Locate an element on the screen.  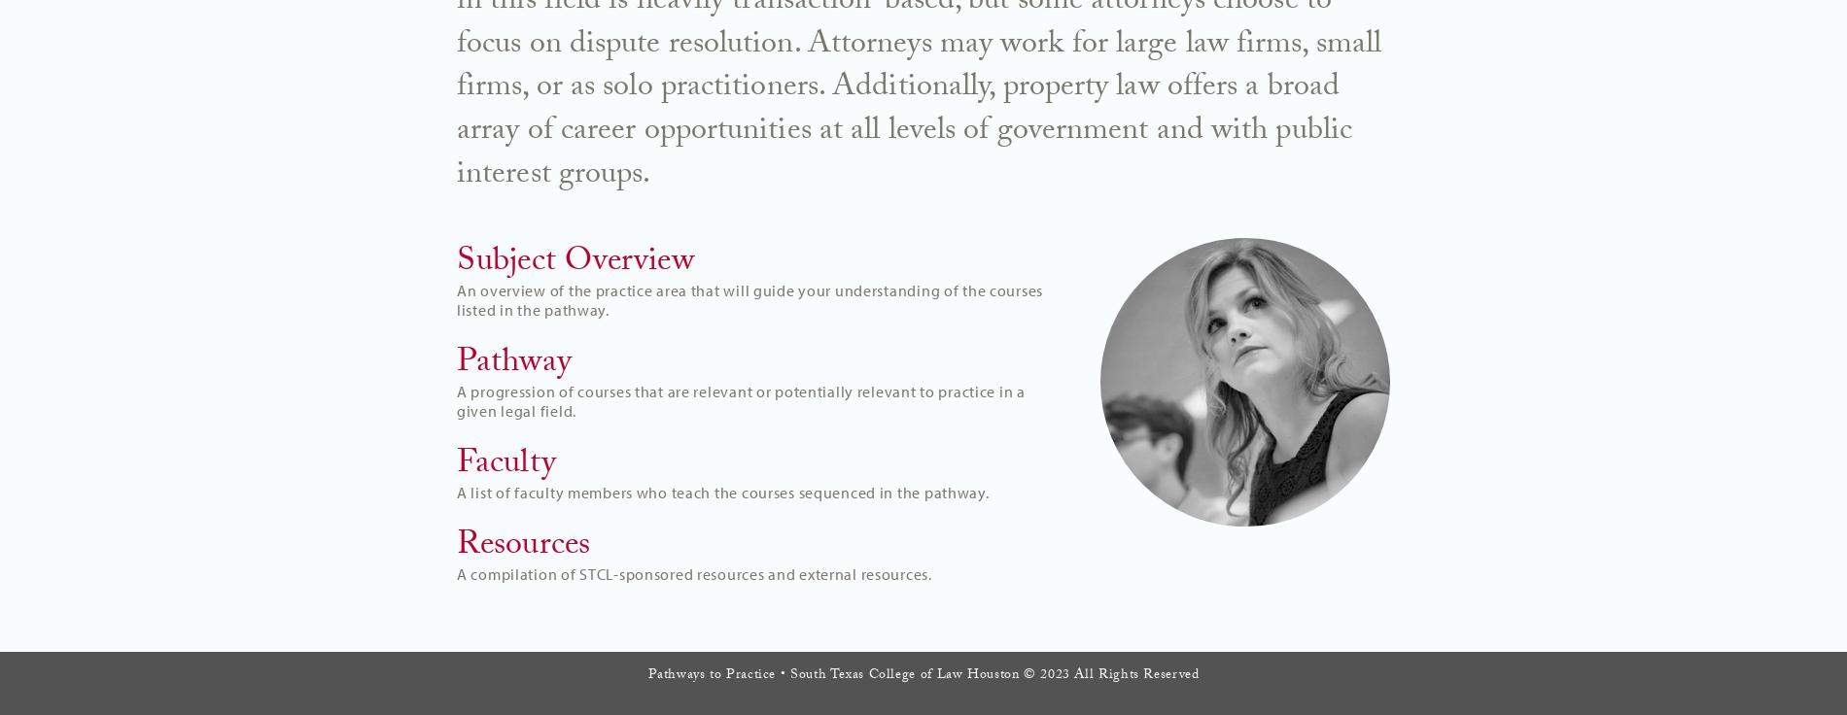
'A list of faculty members who teach the courses sequenced in the pathway.' is located at coordinates (721, 491).